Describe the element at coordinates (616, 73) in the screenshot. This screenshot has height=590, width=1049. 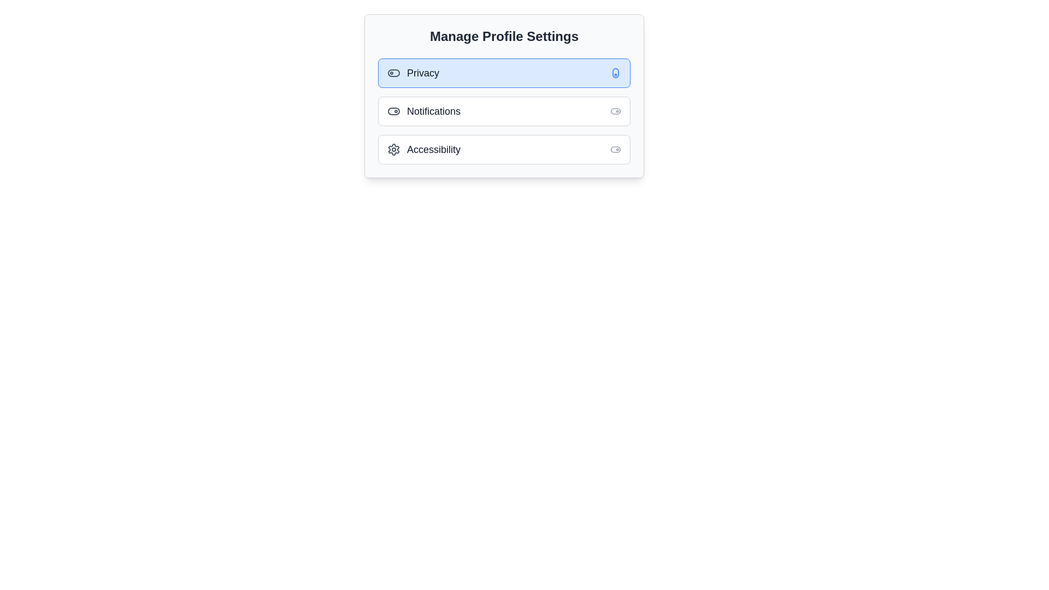
I see `the toggle switch icon located in the 'Privacy' section of the 'Manage Profile Settings' interface` at that location.